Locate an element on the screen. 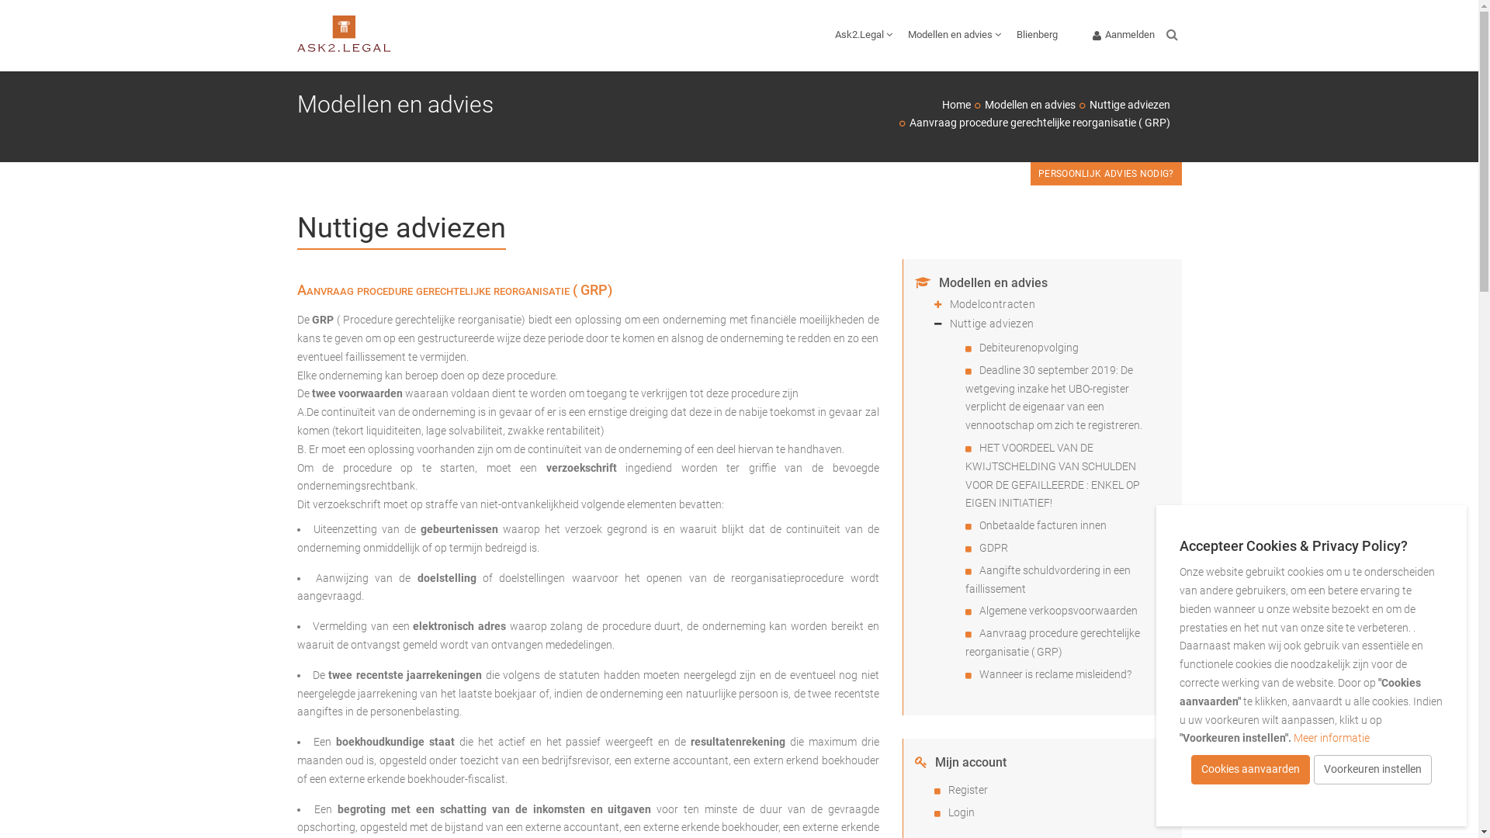  'Meer informatie' is located at coordinates (1331, 737).